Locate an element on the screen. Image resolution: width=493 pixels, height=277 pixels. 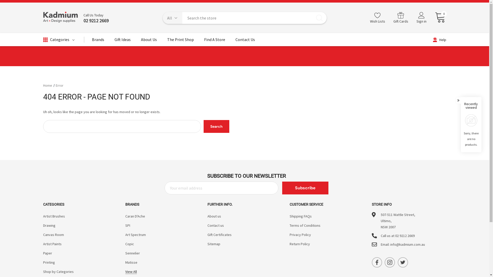
'0' is located at coordinates (438, 17).